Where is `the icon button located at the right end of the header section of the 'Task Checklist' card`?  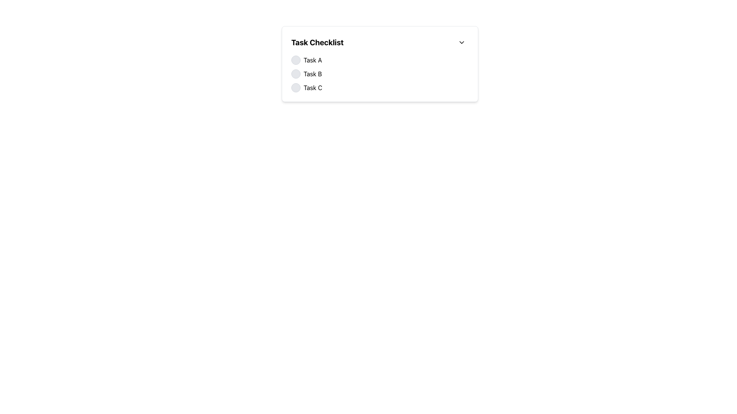 the icon button located at the right end of the header section of the 'Task Checklist' card is located at coordinates (461, 43).